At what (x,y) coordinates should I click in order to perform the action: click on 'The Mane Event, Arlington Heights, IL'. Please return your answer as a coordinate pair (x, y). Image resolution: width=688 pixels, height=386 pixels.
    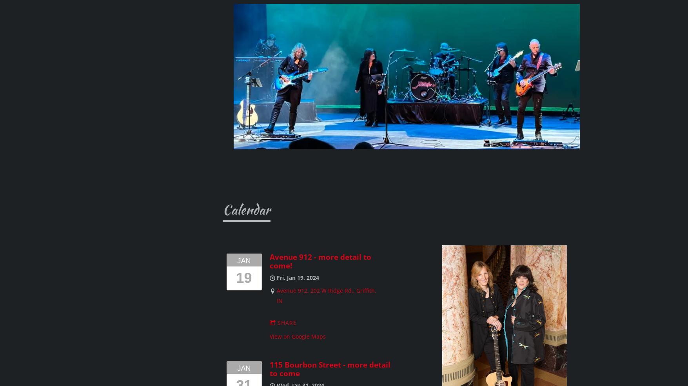
    Looking at the image, I should click on (296, 341).